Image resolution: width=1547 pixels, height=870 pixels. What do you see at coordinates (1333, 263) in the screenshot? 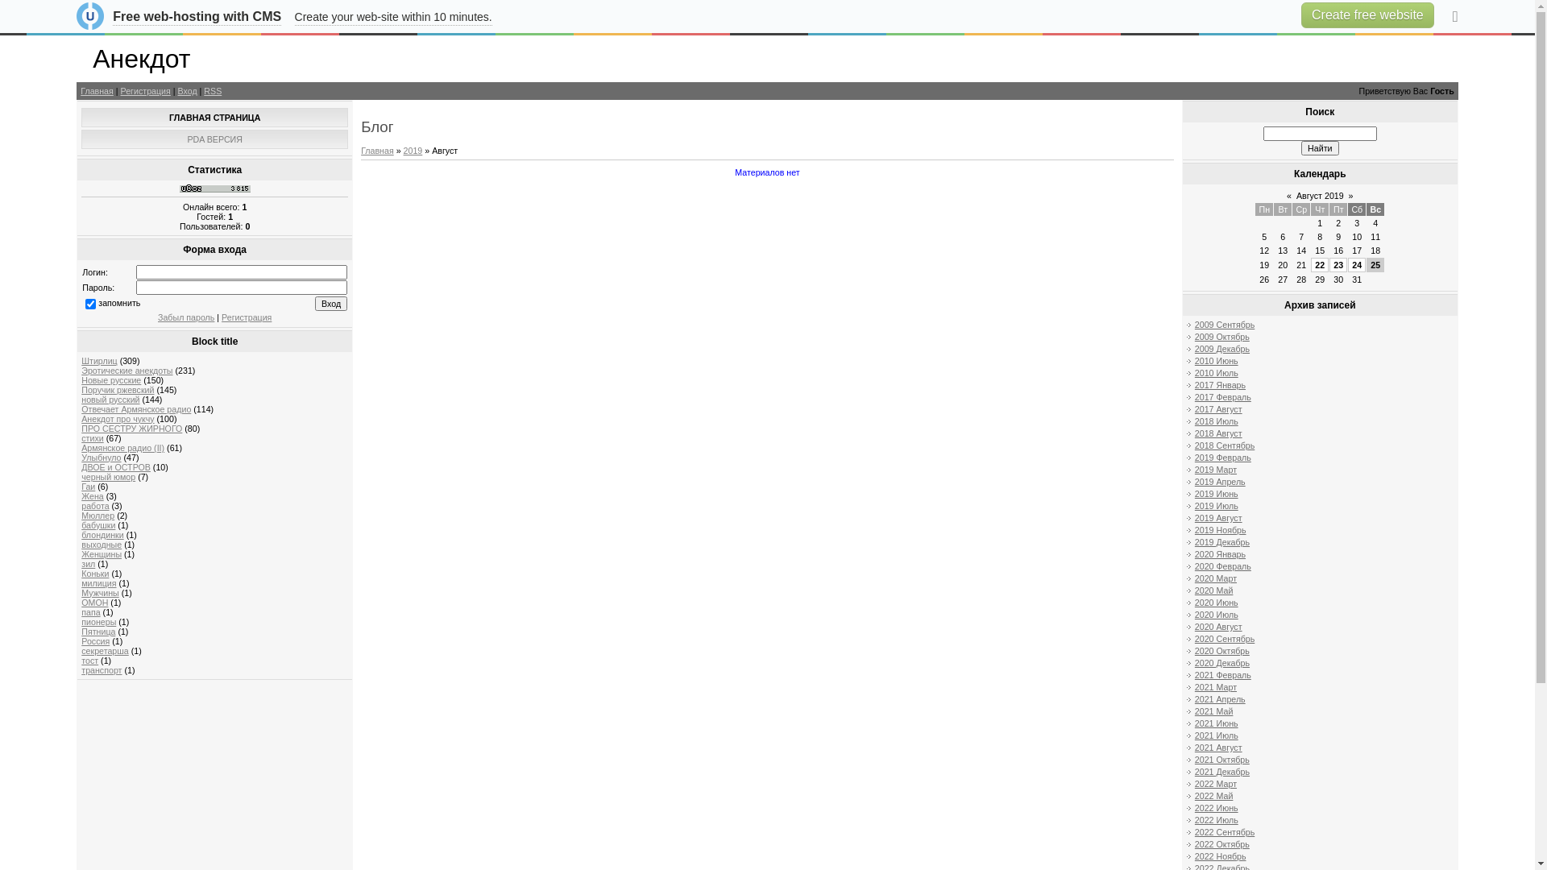
I see `'23'` at bounding box center [1333, 263].